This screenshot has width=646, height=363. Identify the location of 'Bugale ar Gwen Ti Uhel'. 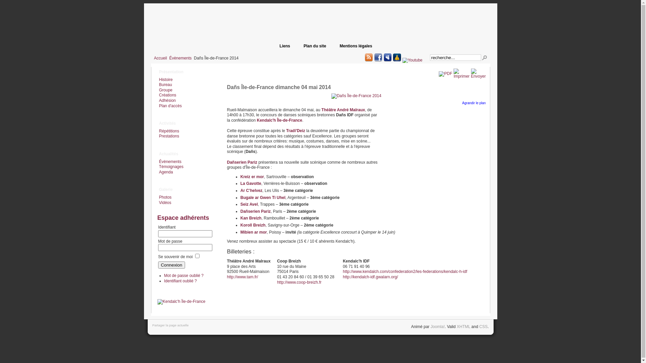
(240, 197).